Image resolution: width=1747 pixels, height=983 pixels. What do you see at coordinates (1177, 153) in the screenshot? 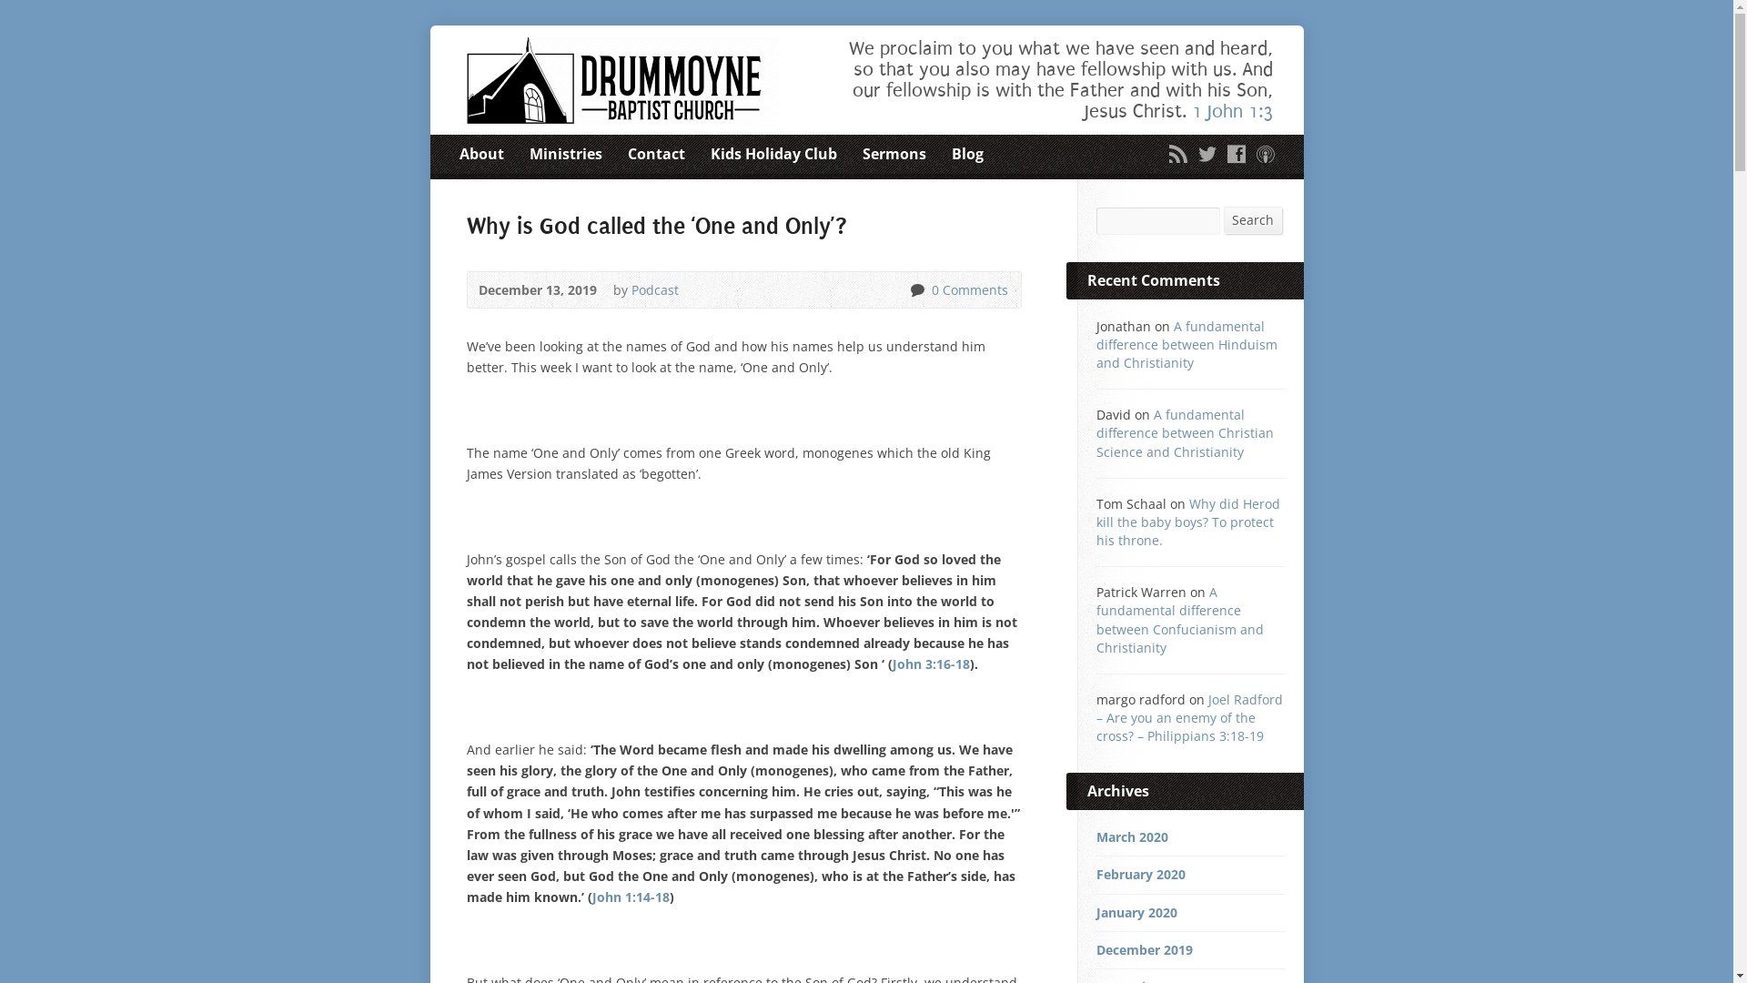
I see `'RSS'` at bounding box center [1177, 153].